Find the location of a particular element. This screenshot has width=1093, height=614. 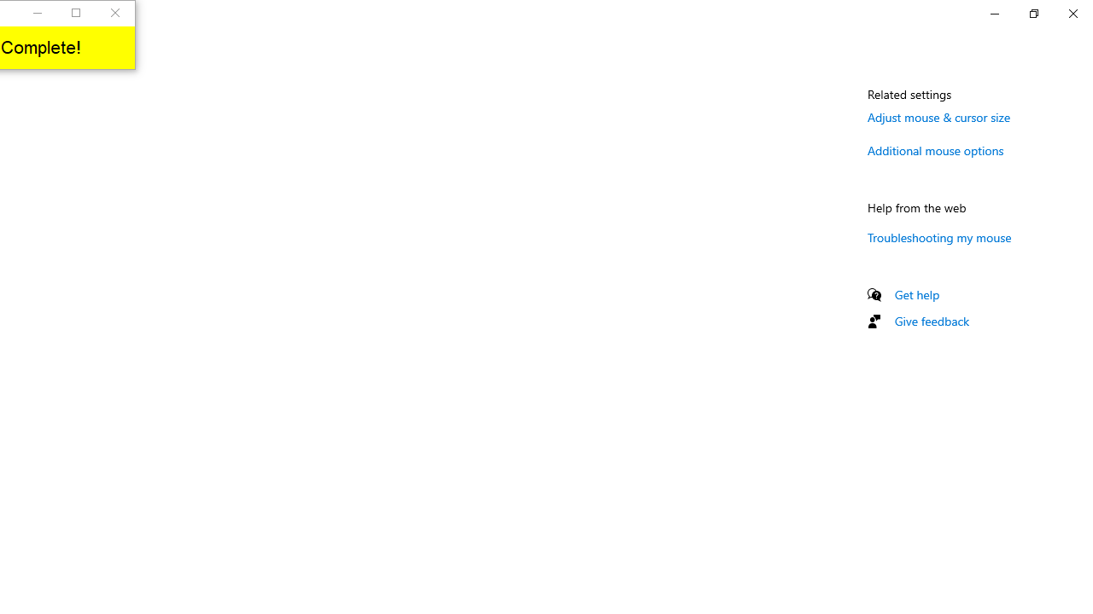

'Adjust mouse & cursor size' is located at coordinates (938, 116).